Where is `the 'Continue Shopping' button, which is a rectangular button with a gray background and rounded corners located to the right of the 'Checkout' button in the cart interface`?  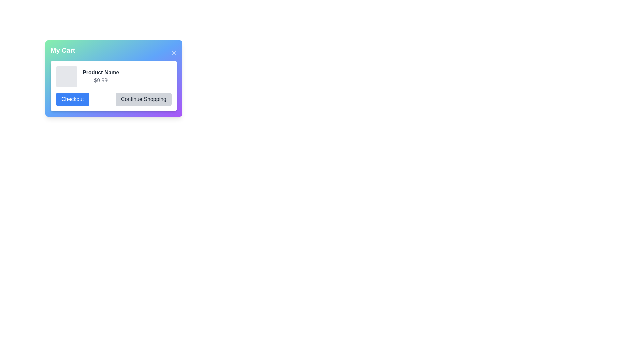
the 'Continue Shopping' button, which is a rectangular button with a gray background and rounded corners located to the right of the 'Checkout' button in the cart interface is located at coordinates (143, 99).